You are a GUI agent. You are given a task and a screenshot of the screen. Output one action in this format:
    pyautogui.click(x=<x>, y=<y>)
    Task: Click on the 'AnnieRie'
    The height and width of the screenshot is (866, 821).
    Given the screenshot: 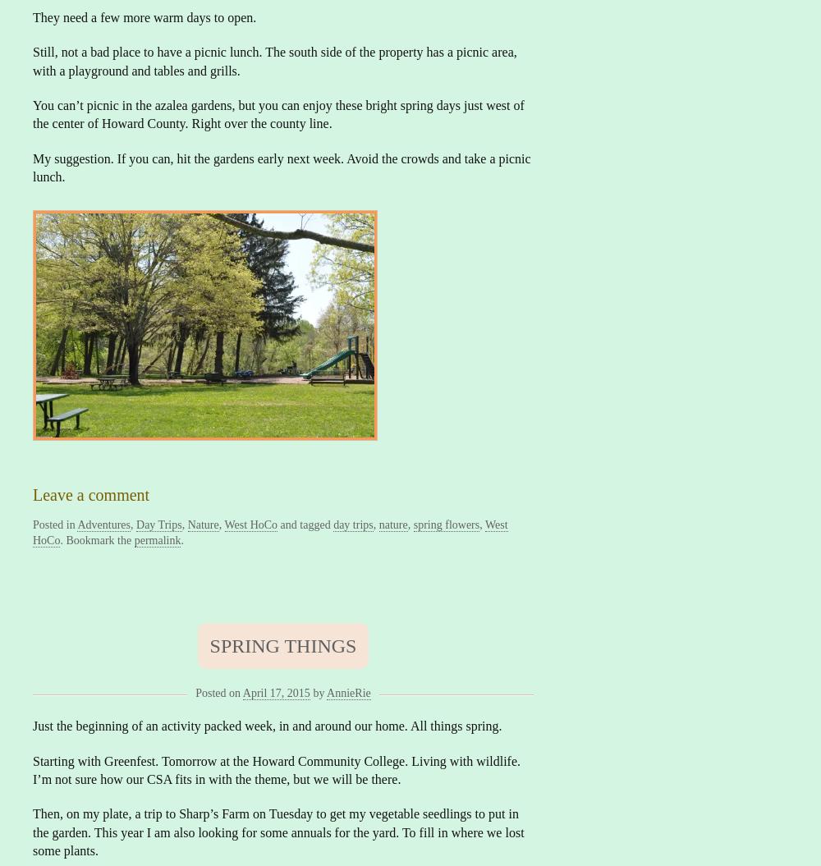 What is the action you would take?
    pyautogui.click(x=348, y=692)
    